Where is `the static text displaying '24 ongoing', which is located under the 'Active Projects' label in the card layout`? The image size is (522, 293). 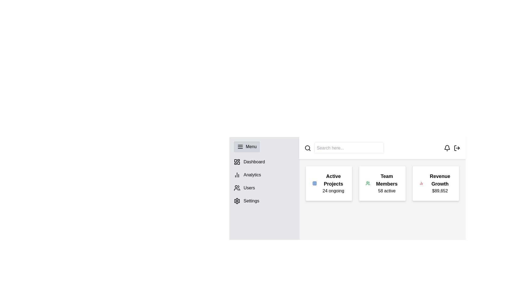
the static text displaying '24 ongoing', which is located under the 'Active Projects' label in the card layout is located at coordinates (333, 191).